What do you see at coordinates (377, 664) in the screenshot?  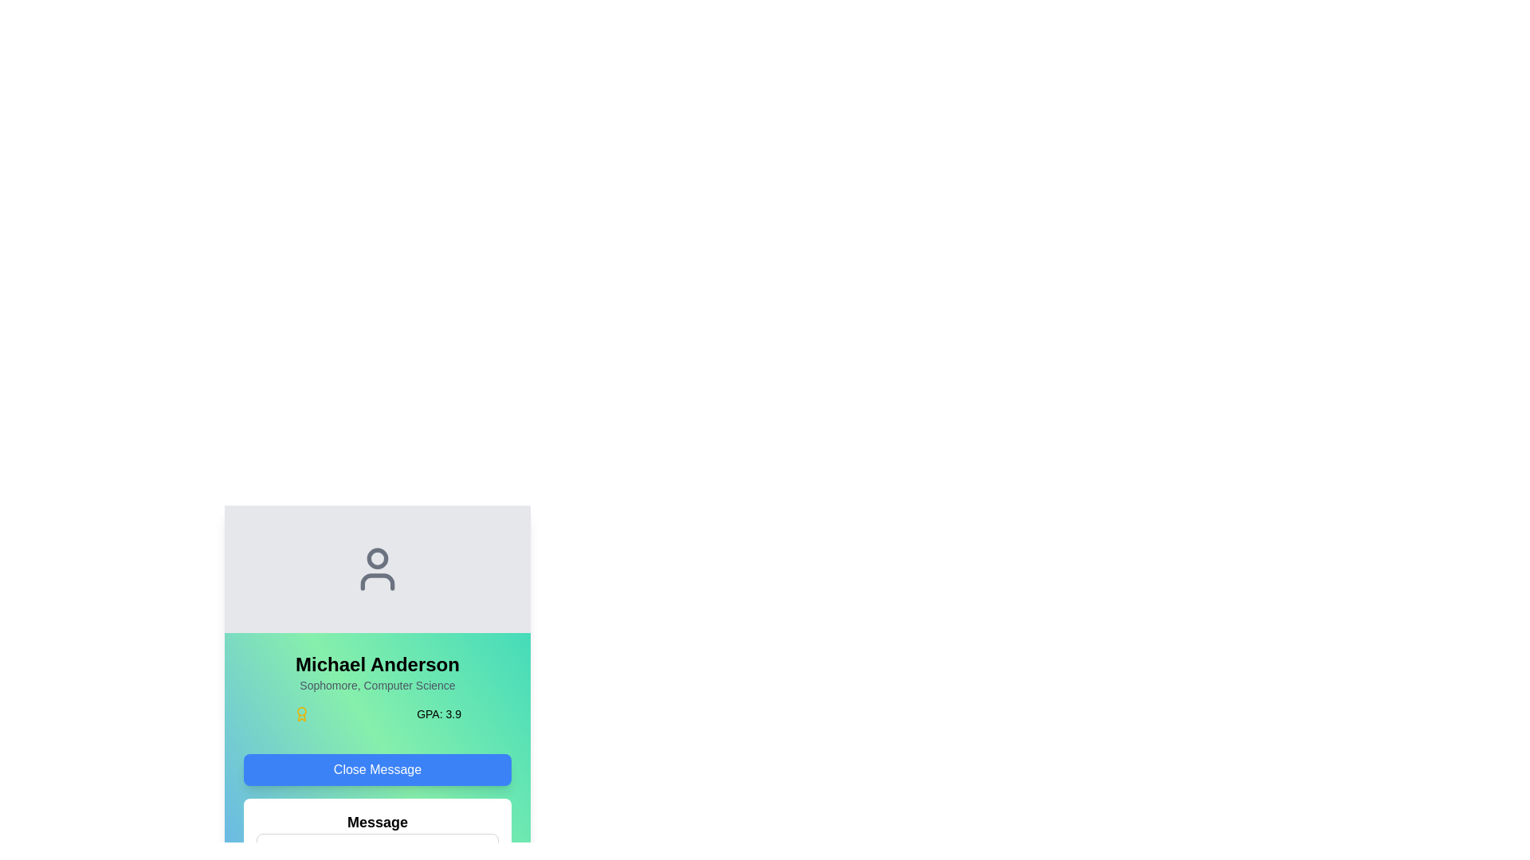 I see `the text label displaying 'Michael Anderson' in bold on a gradient green background` at bounding box center [377, 664].